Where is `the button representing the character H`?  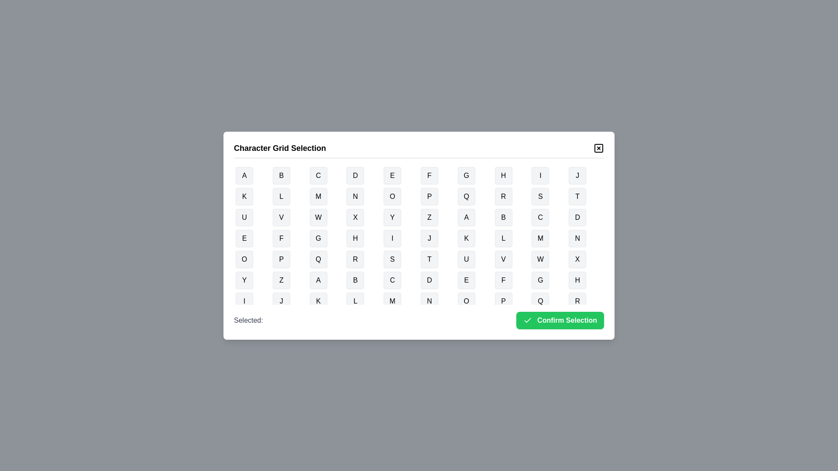 the button representing the character H is located at coordinates (503, 175).